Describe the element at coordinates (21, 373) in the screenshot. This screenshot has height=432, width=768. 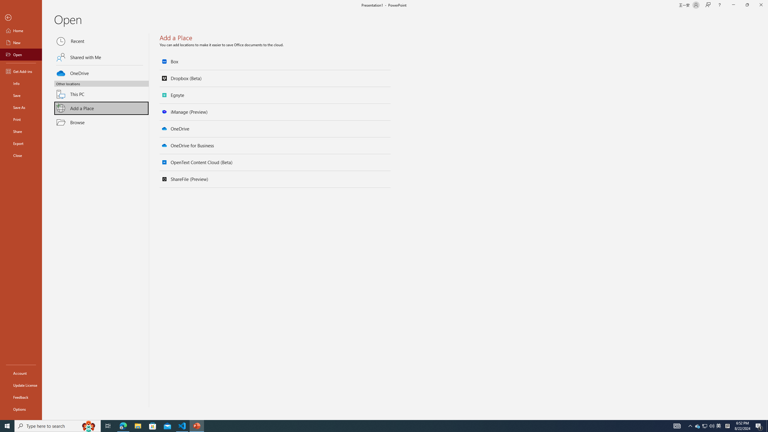
I see `'Account'` at that location.